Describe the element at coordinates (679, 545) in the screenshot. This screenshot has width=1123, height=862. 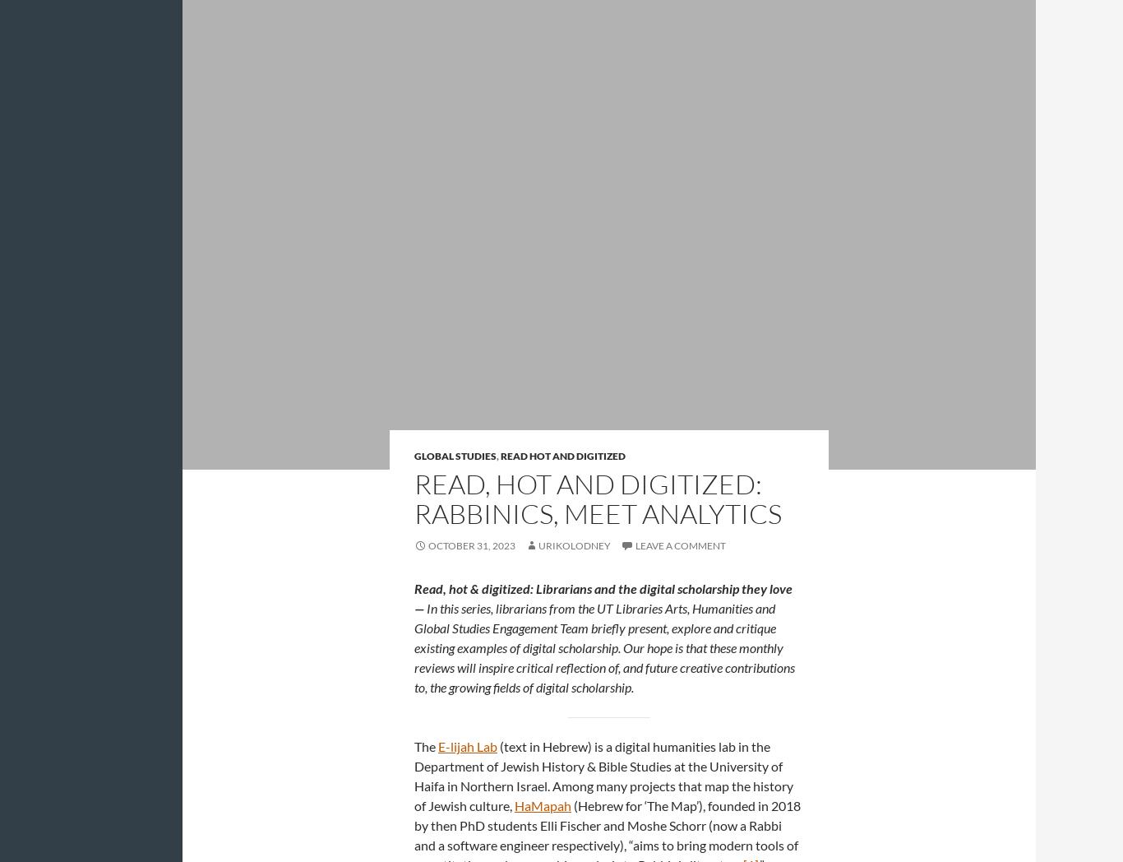
I see `'Leave a comment'` at that location.